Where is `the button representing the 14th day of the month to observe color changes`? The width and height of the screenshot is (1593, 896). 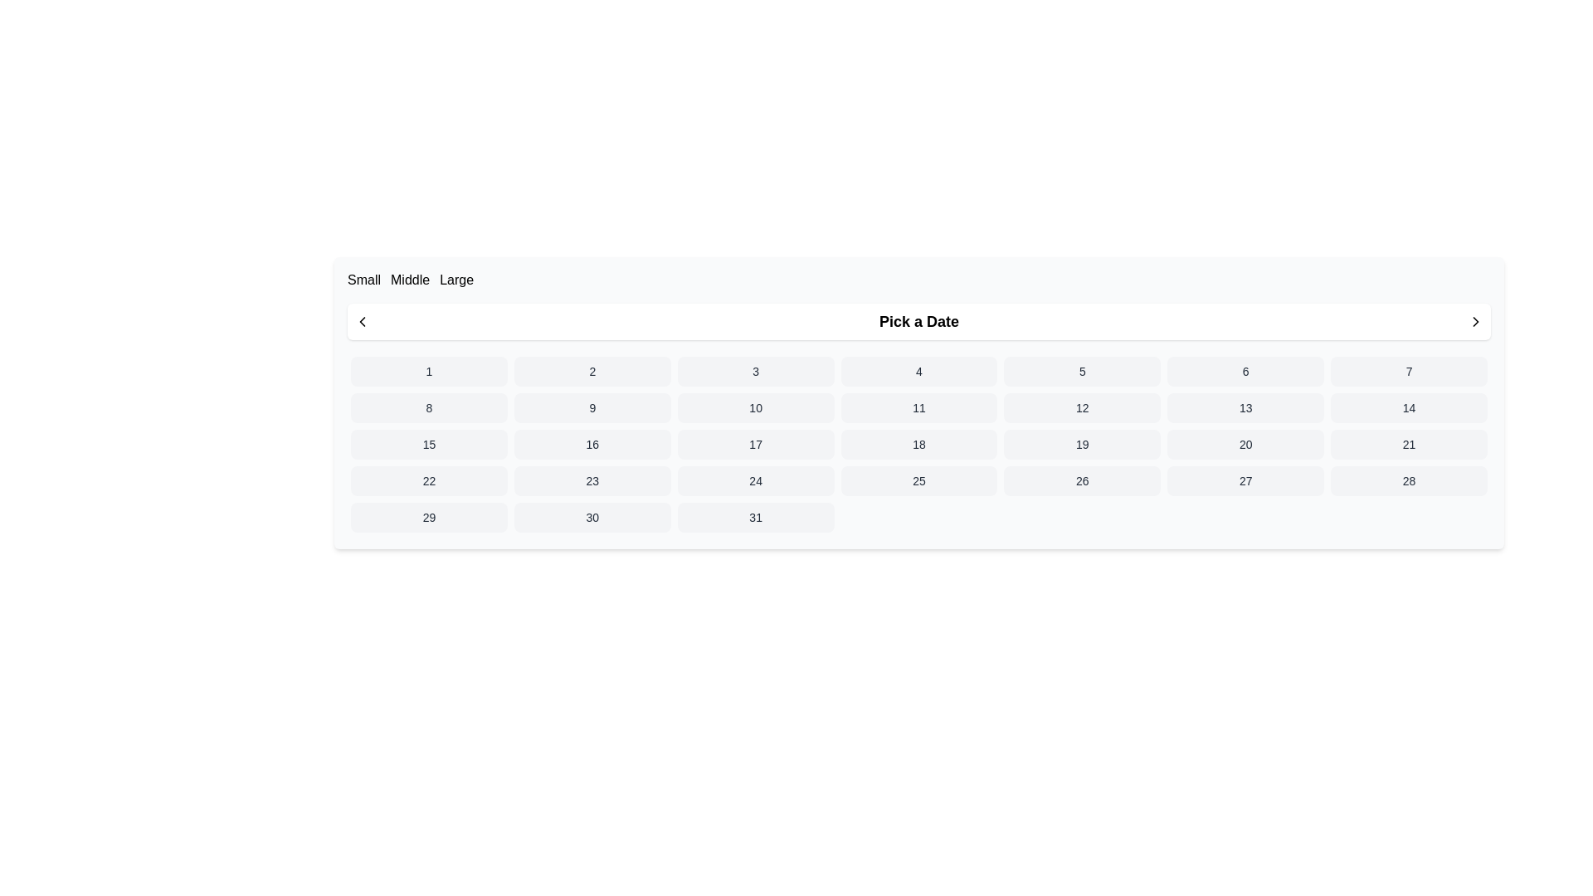
the button representing the 14th day of the month to observe color changes is located at coordinates (1408, 408).